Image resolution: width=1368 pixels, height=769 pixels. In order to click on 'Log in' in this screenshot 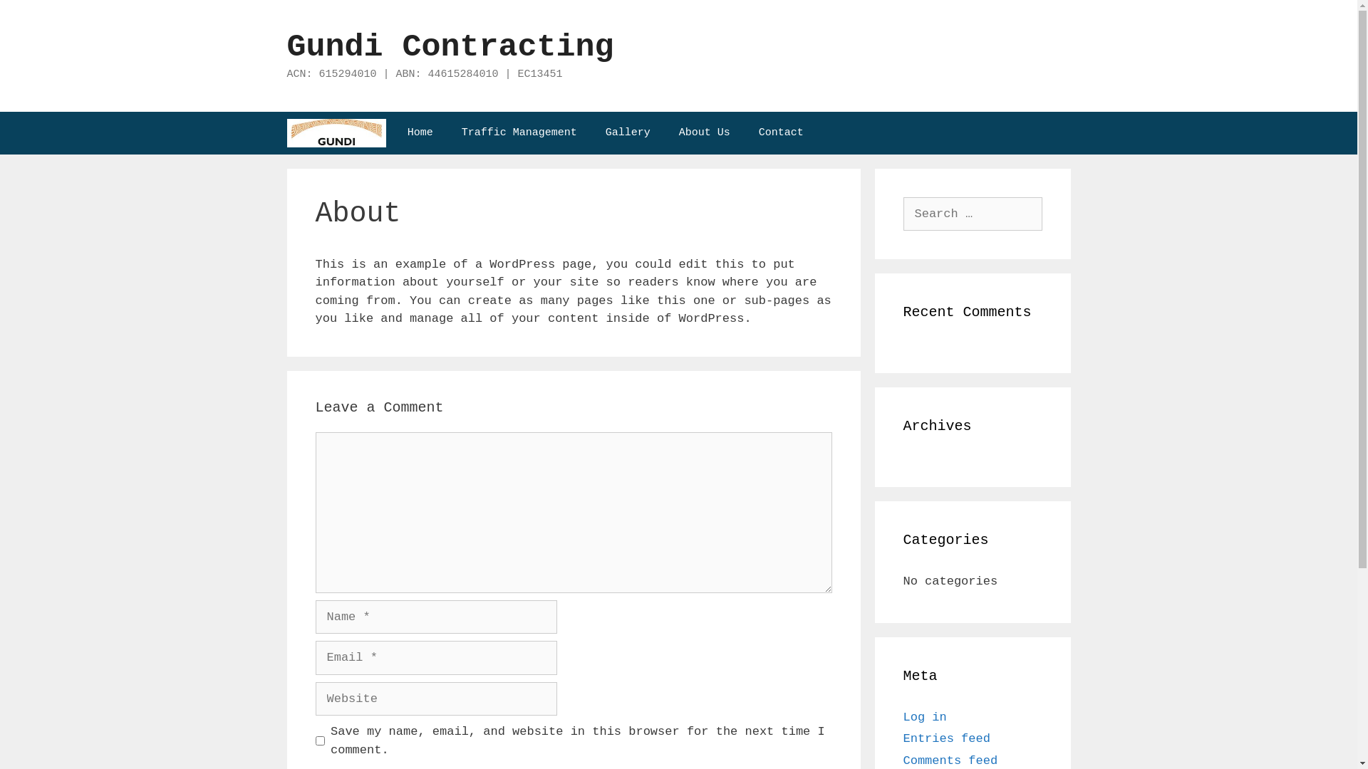, I will do `click(925, 717)`.